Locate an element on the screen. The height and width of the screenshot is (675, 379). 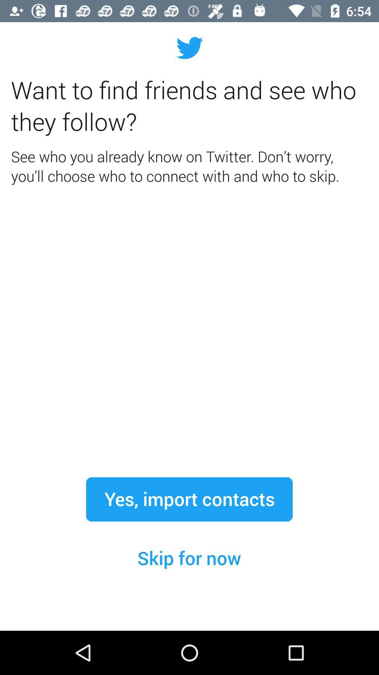
the yes, import contacts item is located at coordinates (189, 499).